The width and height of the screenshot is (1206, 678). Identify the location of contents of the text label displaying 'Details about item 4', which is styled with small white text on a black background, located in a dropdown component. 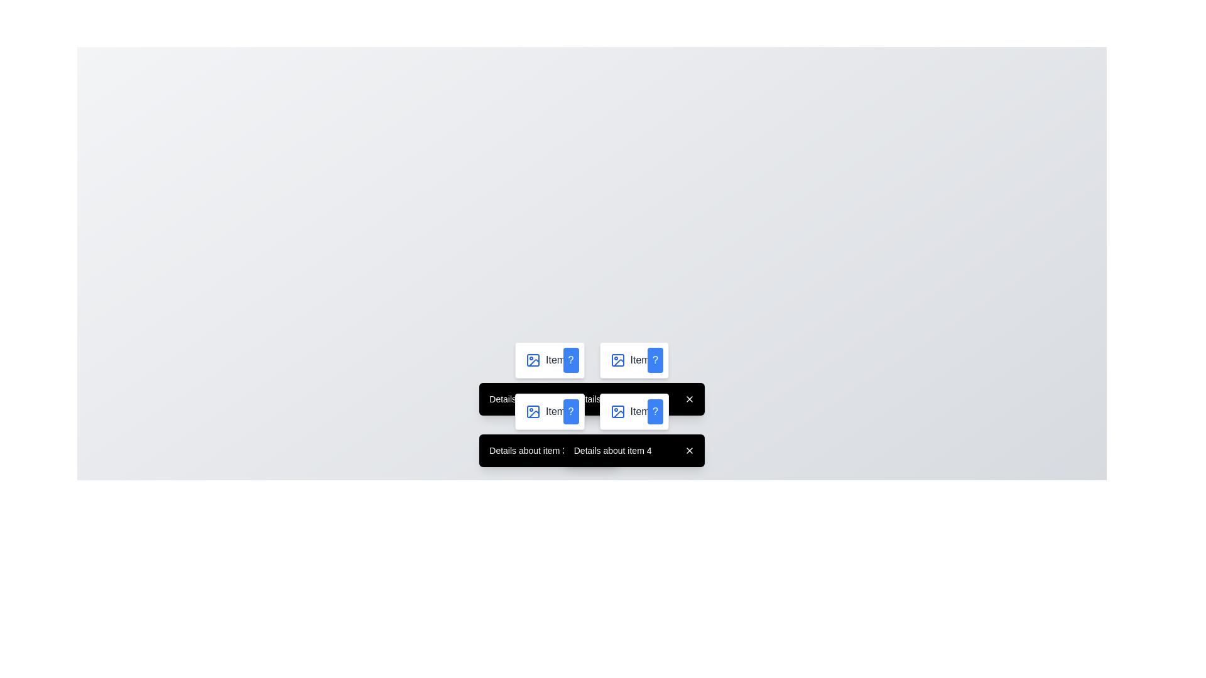
(634, 449).